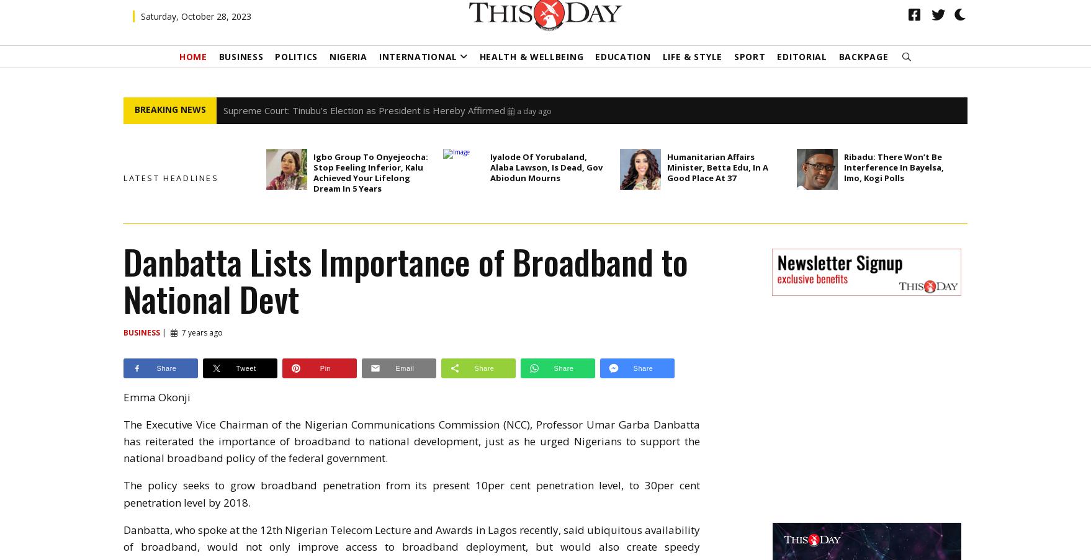 The height and width of the screenshot is (560, 1091). Describe the element at coordinates (595, 73) in the screenshot. I see `'Education'` at that location.